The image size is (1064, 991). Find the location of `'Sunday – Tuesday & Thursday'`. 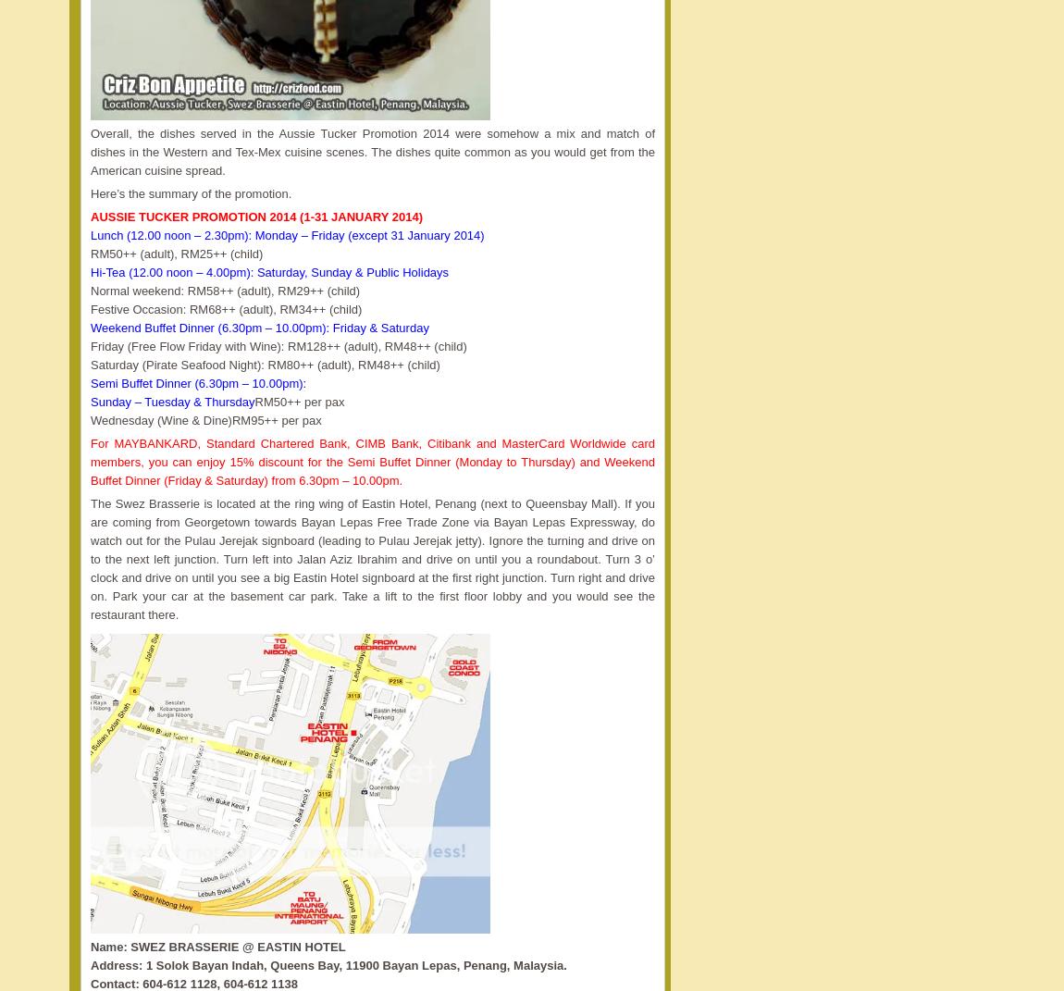

'Sunday – Tuesday & Thursday' is located at coordinates (89, 402).